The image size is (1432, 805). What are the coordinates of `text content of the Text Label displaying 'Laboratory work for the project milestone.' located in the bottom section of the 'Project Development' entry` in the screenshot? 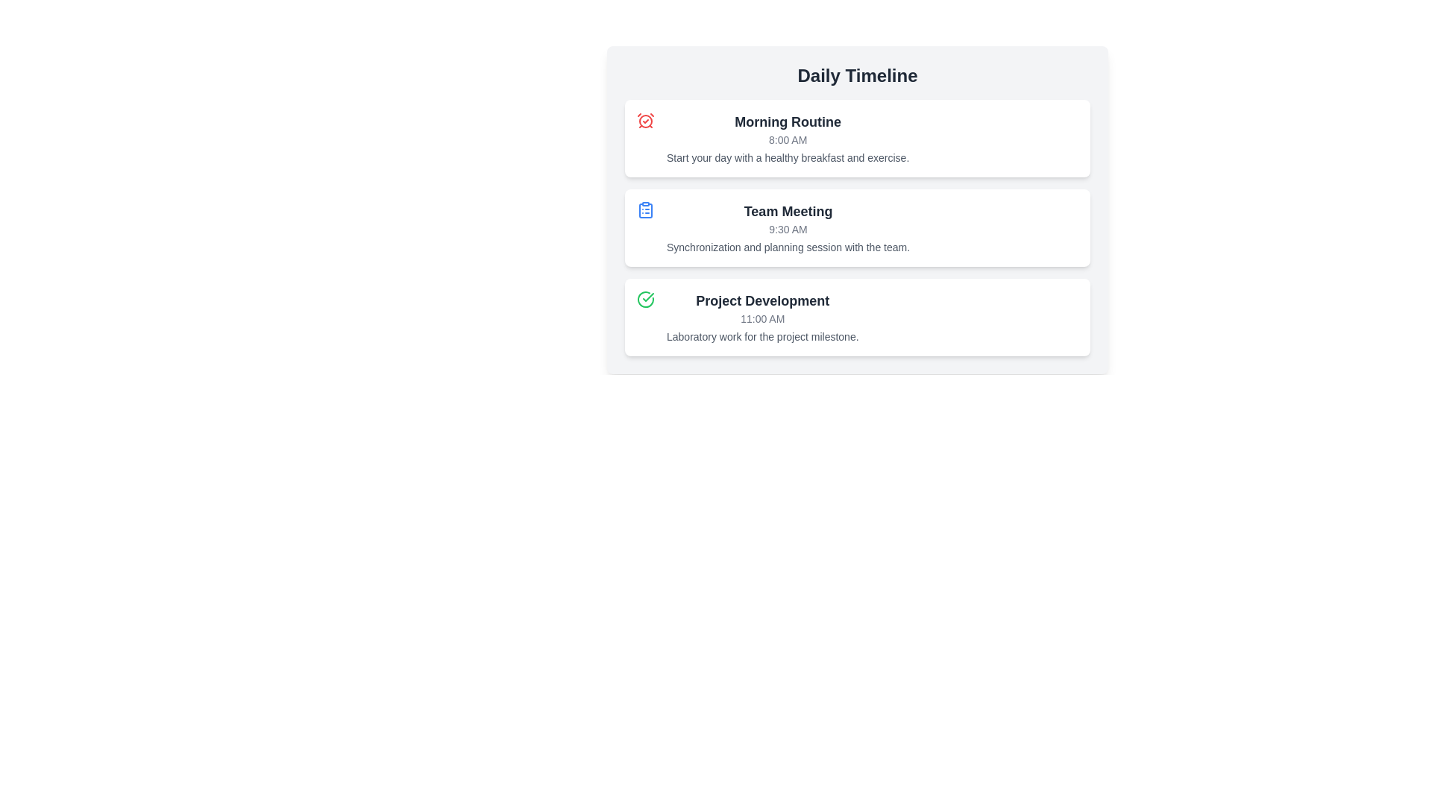 It's located at (762, 336).